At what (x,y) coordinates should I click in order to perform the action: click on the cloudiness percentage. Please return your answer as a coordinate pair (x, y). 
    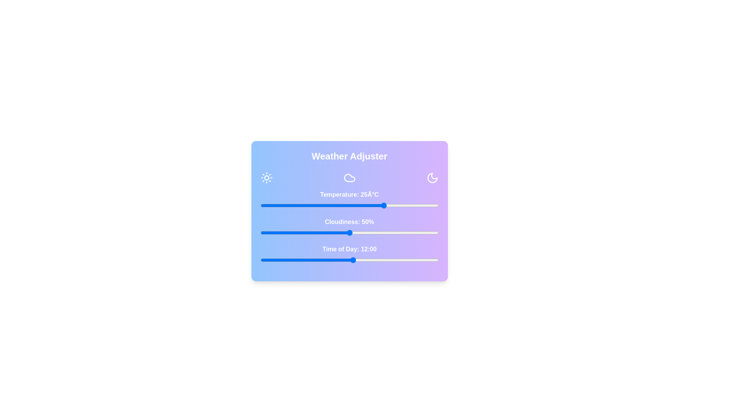
    Looking at the image, I should click on (380, 232).